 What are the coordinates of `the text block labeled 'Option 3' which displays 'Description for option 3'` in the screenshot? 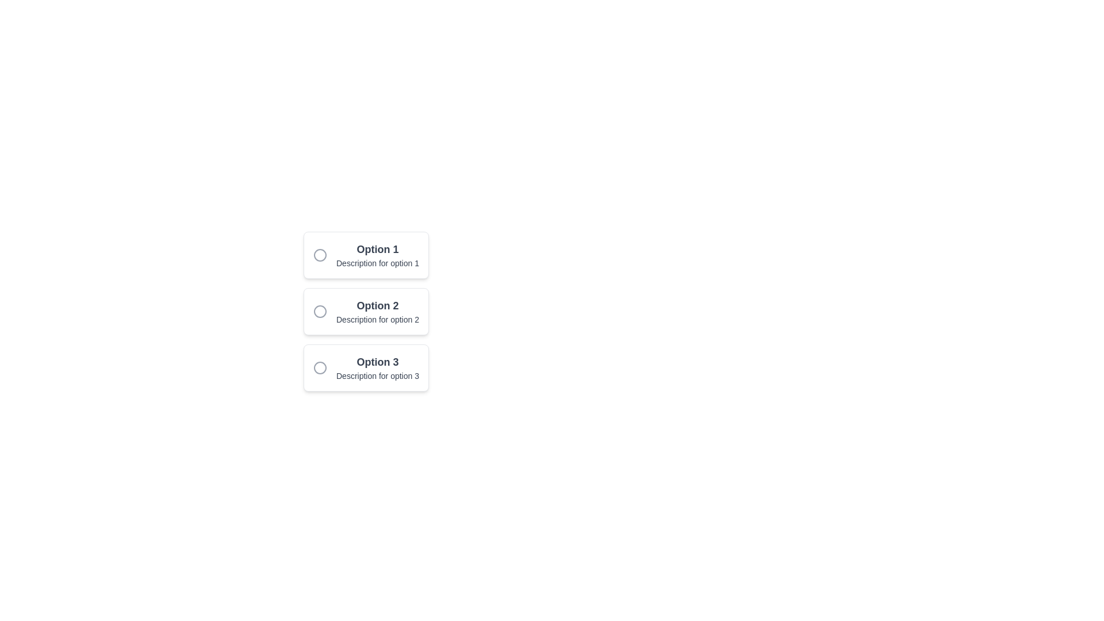 It's located at (378, 368).